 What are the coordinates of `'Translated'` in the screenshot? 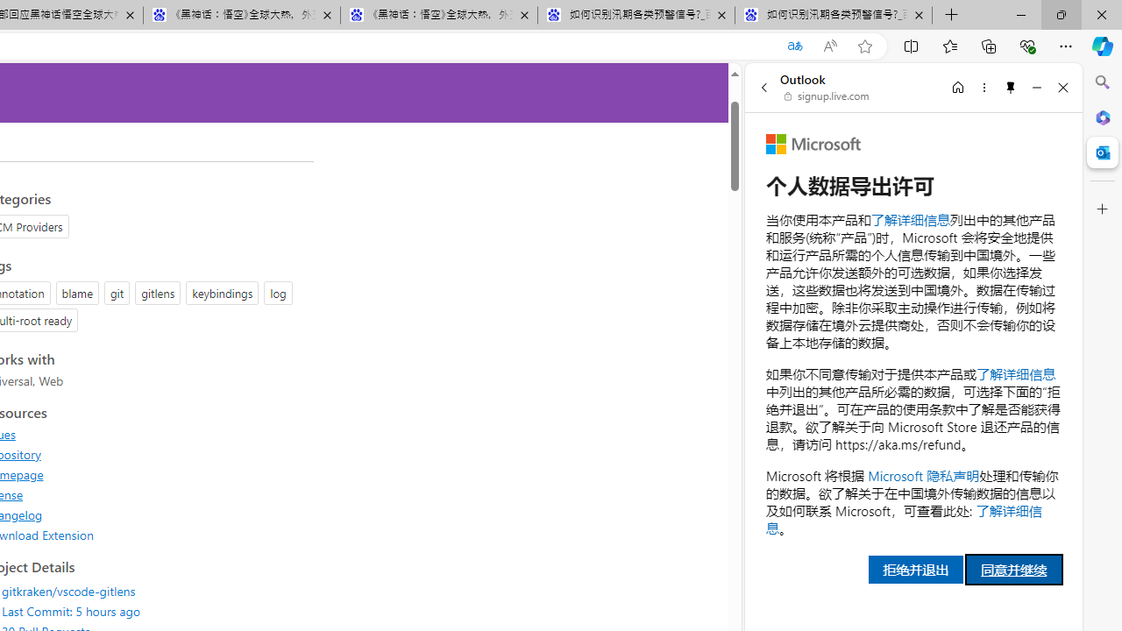 It's located at (793, 46).